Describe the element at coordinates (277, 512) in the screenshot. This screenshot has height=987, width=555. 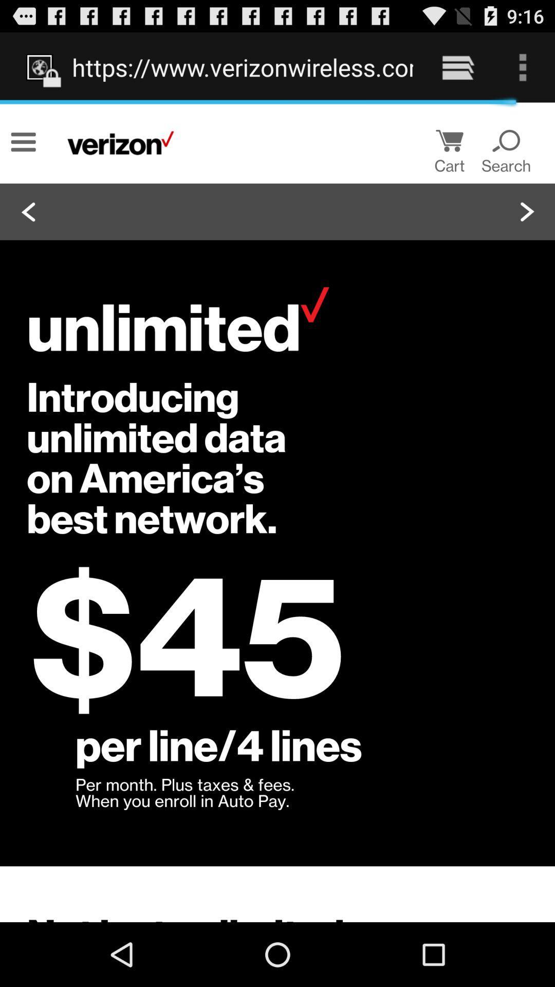
I see `icon below the https www verizonwireless item` at that location.